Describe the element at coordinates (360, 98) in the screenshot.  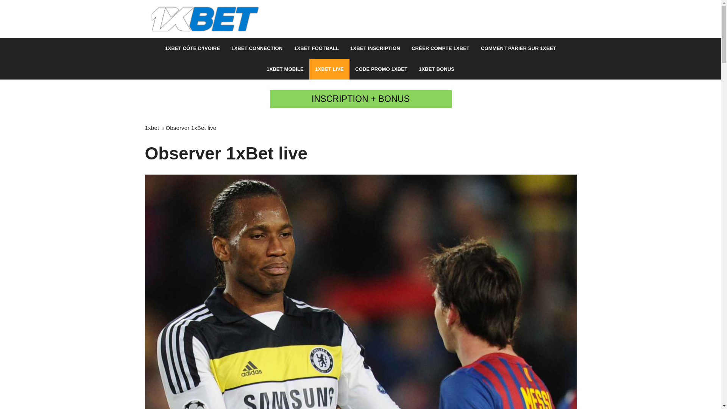
I see `'INSCRIPTION + BONUS'` at that location.